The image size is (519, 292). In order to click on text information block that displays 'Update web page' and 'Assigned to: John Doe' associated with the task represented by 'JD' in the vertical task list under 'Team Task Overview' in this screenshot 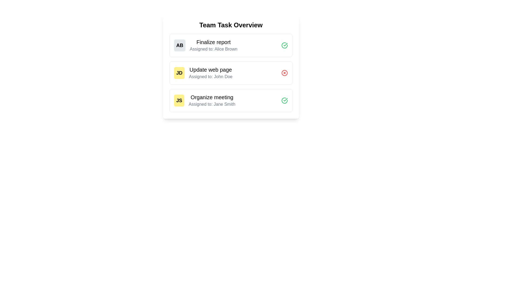, I will do `click(210, 73)`.